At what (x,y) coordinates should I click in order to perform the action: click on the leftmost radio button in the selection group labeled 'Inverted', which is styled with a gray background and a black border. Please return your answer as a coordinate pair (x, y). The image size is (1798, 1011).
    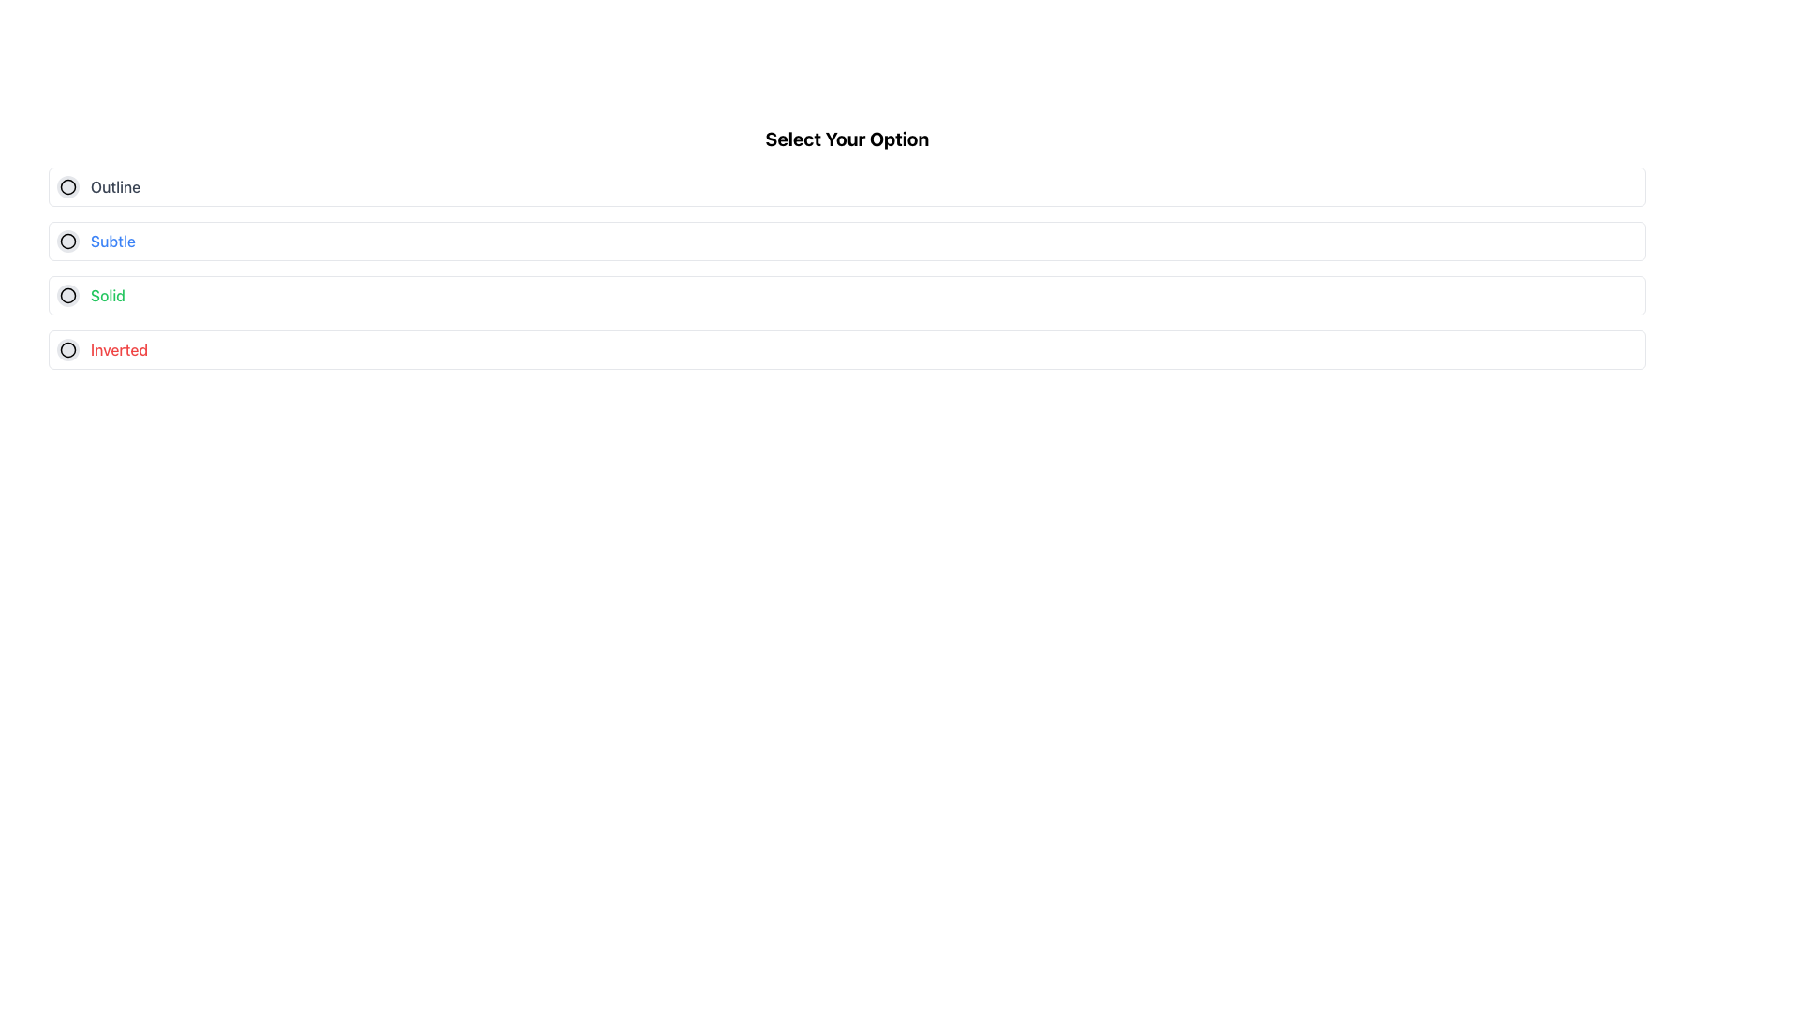
    Looking at the image, I should click on (67, 350).